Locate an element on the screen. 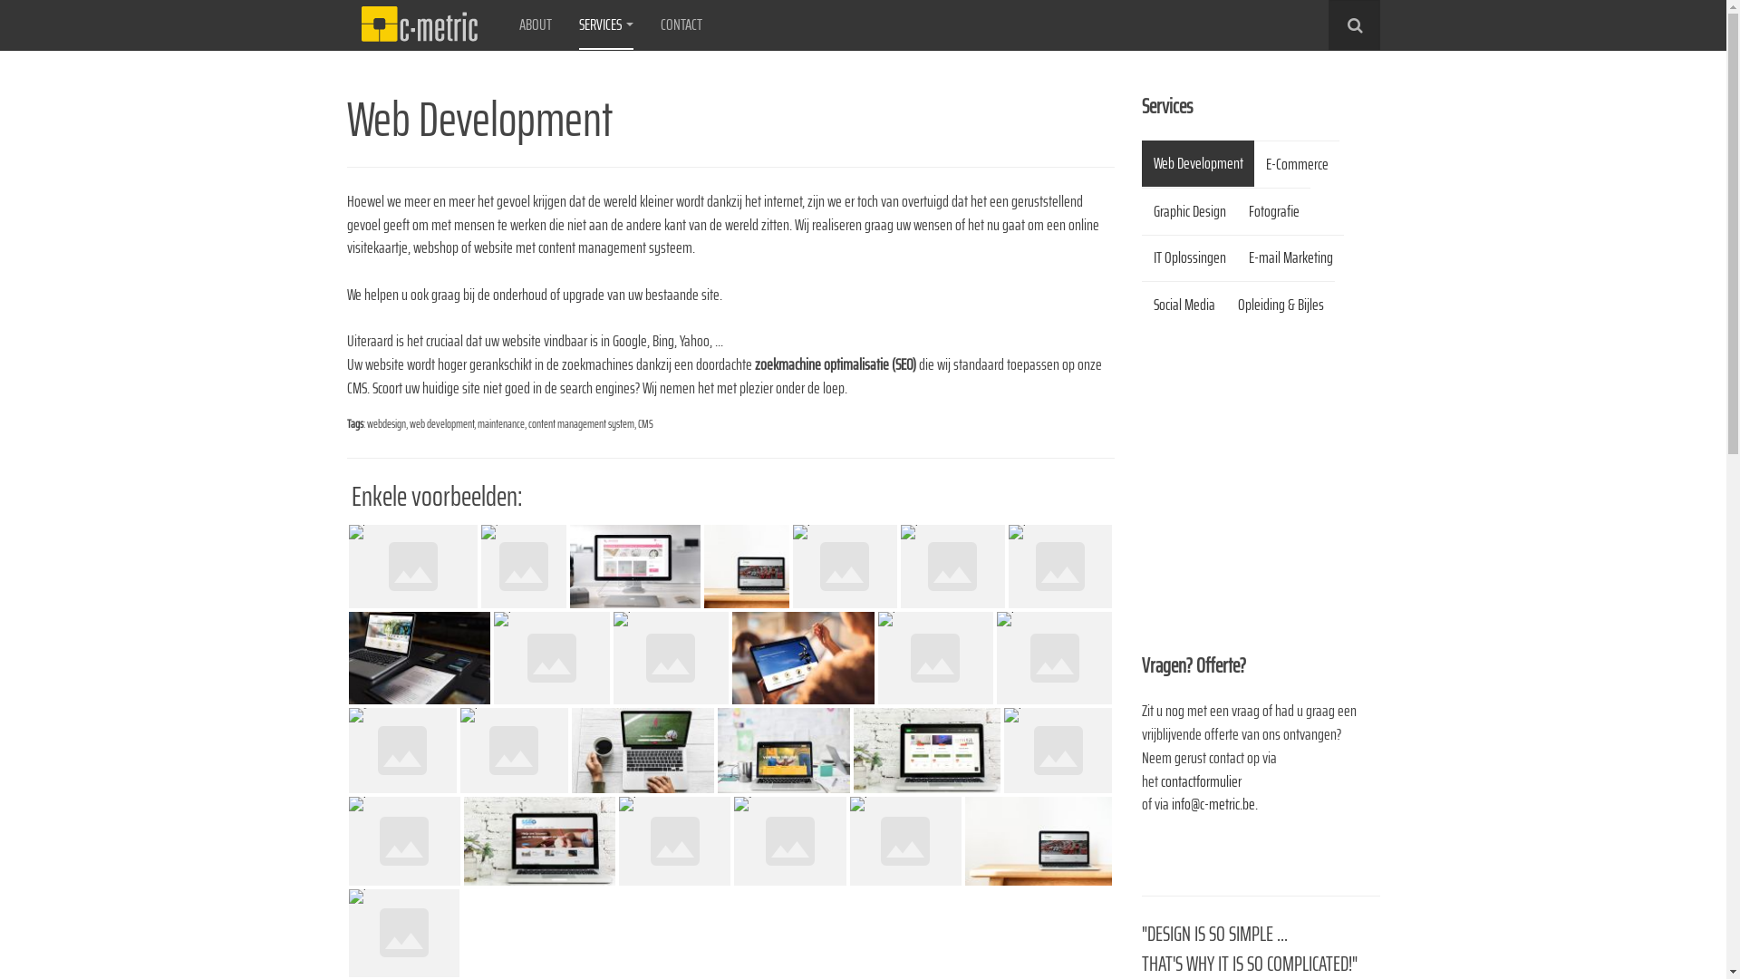  'Web Development' is located at coordinates (1197, 163).